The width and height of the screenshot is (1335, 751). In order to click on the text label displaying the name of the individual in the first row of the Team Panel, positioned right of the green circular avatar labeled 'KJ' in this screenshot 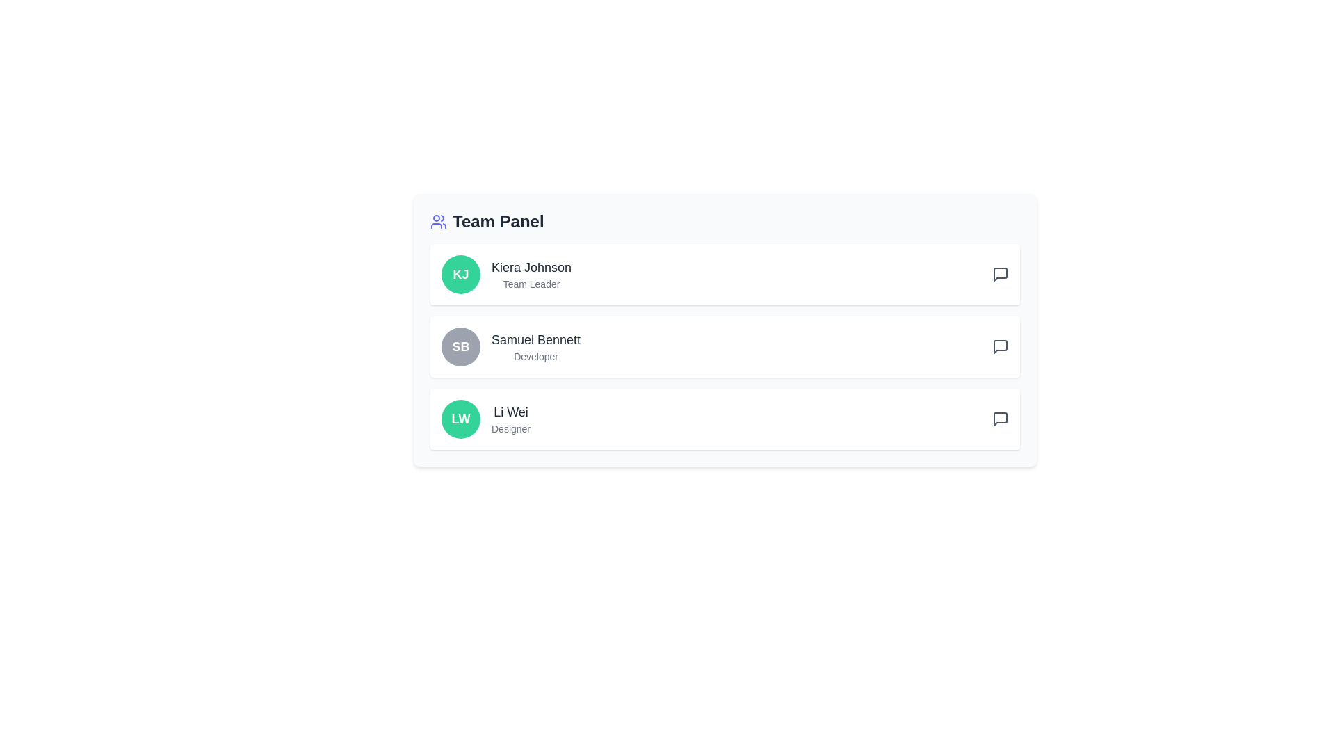, I will do `click(531, 268)`.